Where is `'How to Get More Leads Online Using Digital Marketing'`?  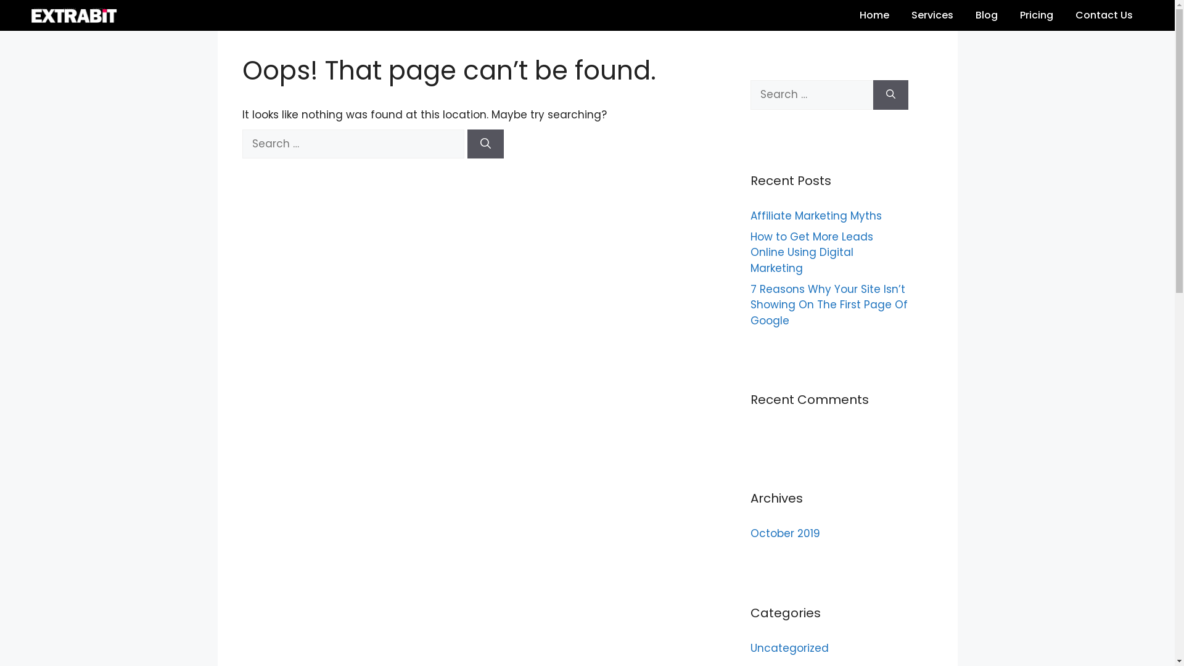 'How to Get More Leads Online Using Digital Marketing' is located at coordinates (811, 252).